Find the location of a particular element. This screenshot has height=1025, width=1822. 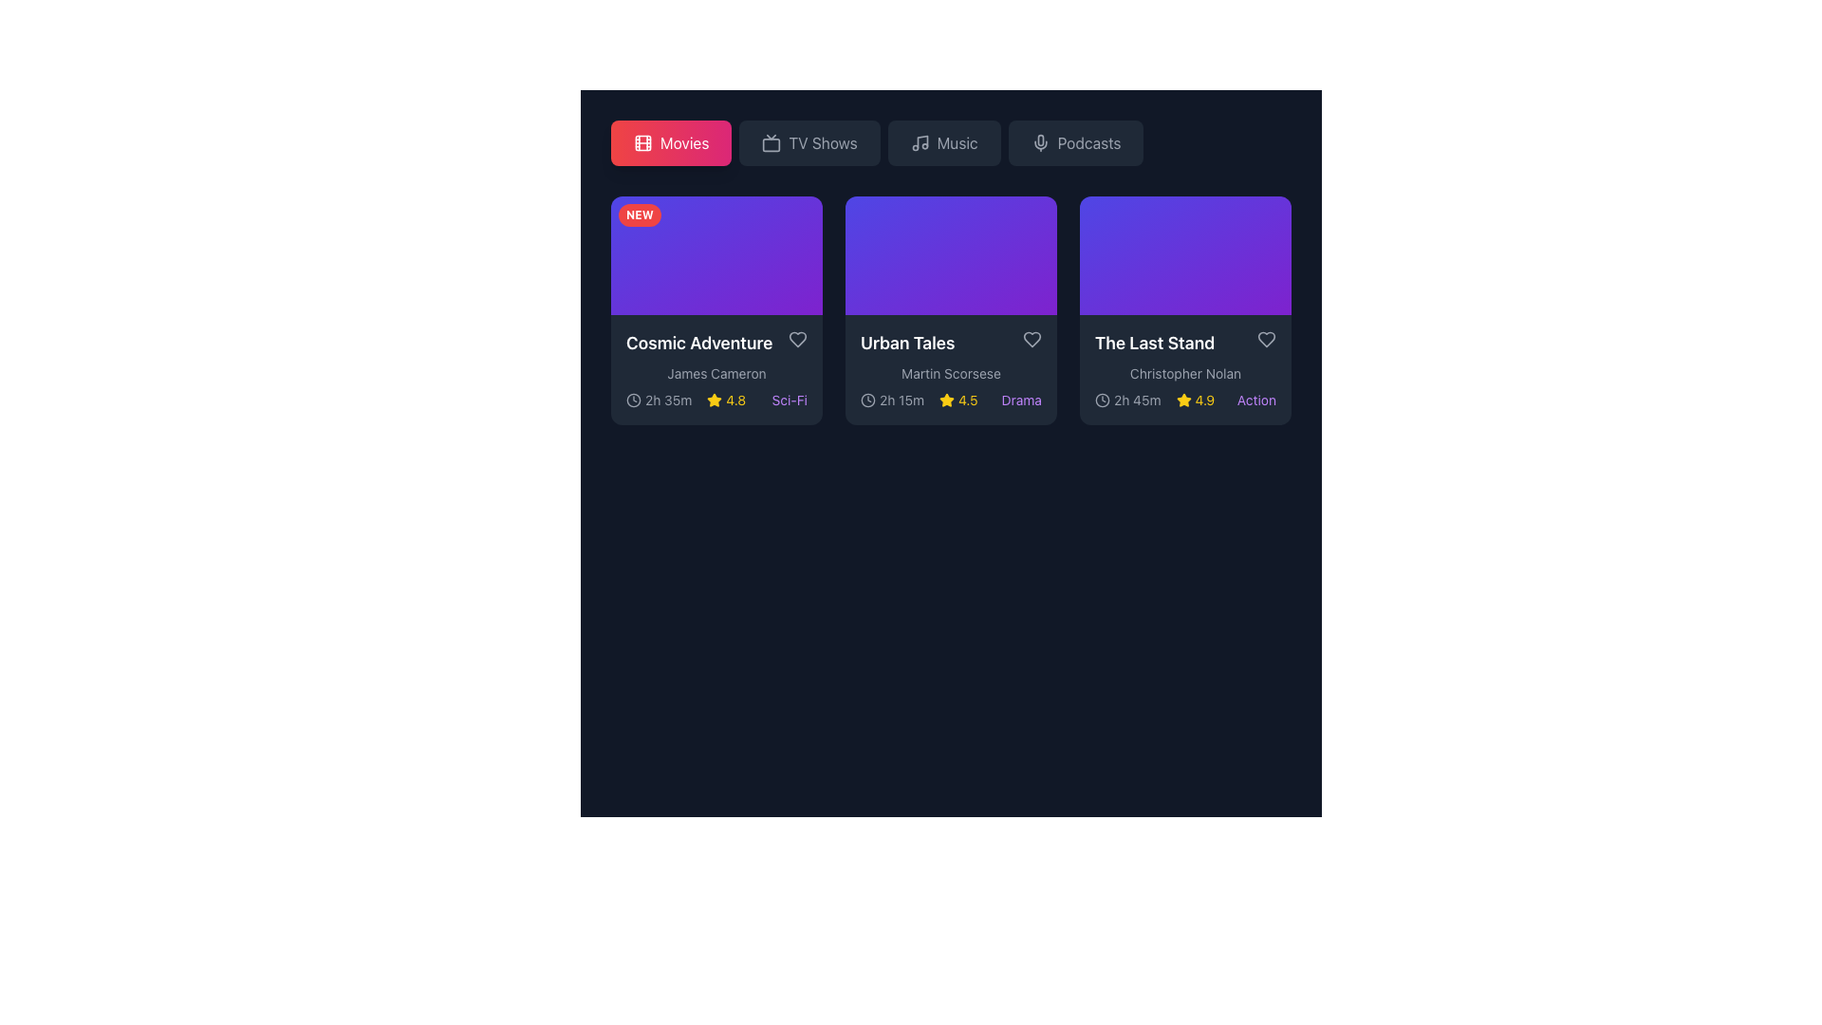

the movie metadata composite element located in the lower section of the 'Cosmic Adventure' card is located at coordinates (716, 400).